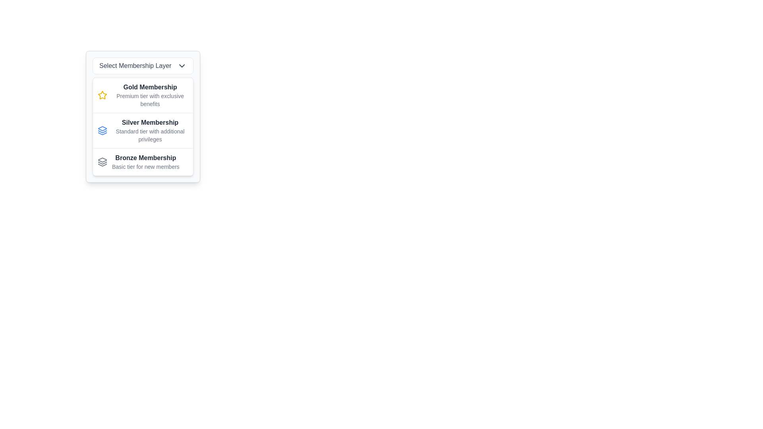  I want to click on the 'Gold Membership' tier represented, so click(102, 95).